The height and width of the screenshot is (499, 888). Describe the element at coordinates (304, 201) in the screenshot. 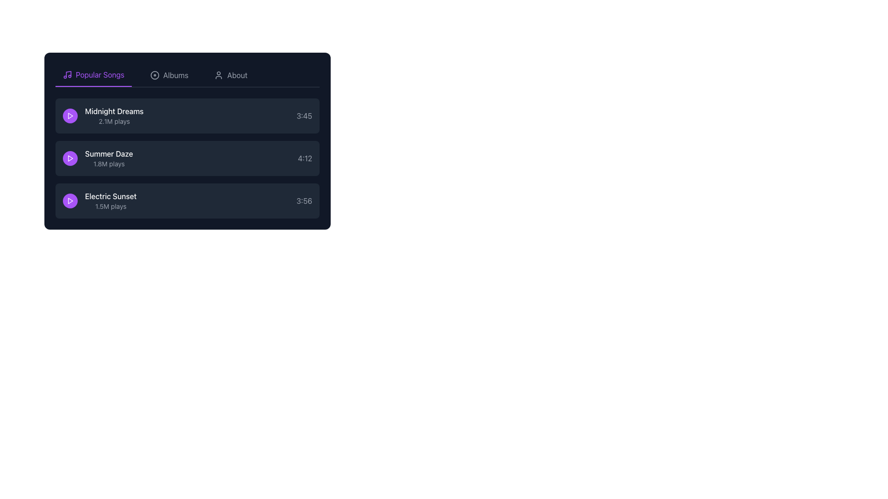

I see `the text display that shows the duration of the track 'Electric Sunset', located at the far right of the song's row, aligned with the song title and play button` at that location.